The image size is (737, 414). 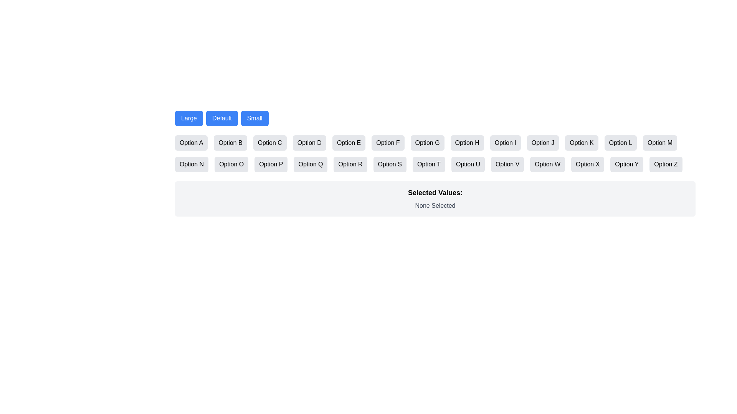 What do you see at coordinates (191, 143) in the screenshot?
I see `the rectangular button labeled 'Option A' with a light gray background and rounded corners` at bounding box center [191, 143].